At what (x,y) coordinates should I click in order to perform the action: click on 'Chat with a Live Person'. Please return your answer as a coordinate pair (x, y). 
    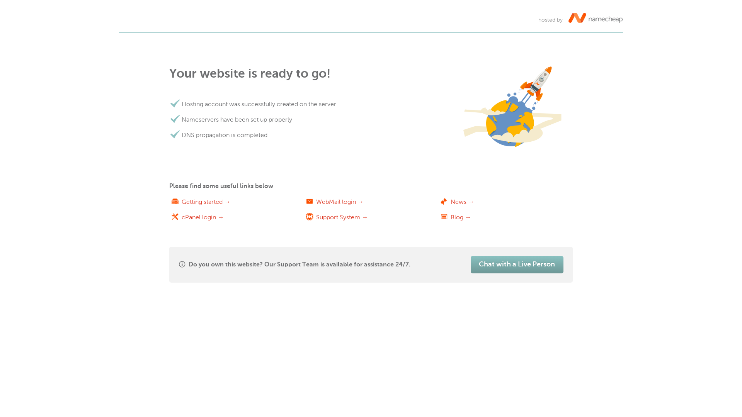
    Looking at the image, I should click on (470, 264).